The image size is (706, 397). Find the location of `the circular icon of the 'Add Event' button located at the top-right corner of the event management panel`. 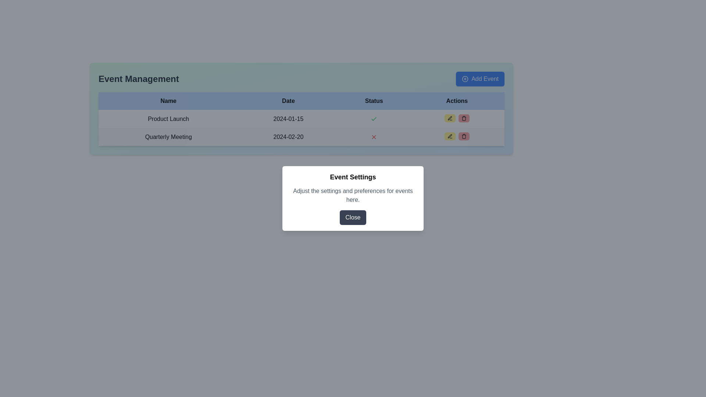

the circular icon of the 'Add Event' button located at the top-right corner of the event management panel is located at coordinates (465, 79).